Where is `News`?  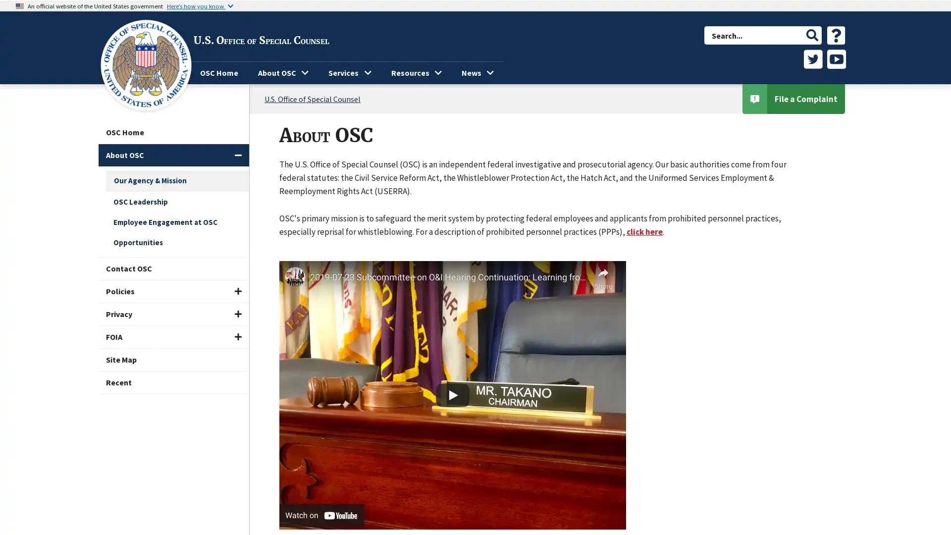 News is located at coordinates (477, 72).